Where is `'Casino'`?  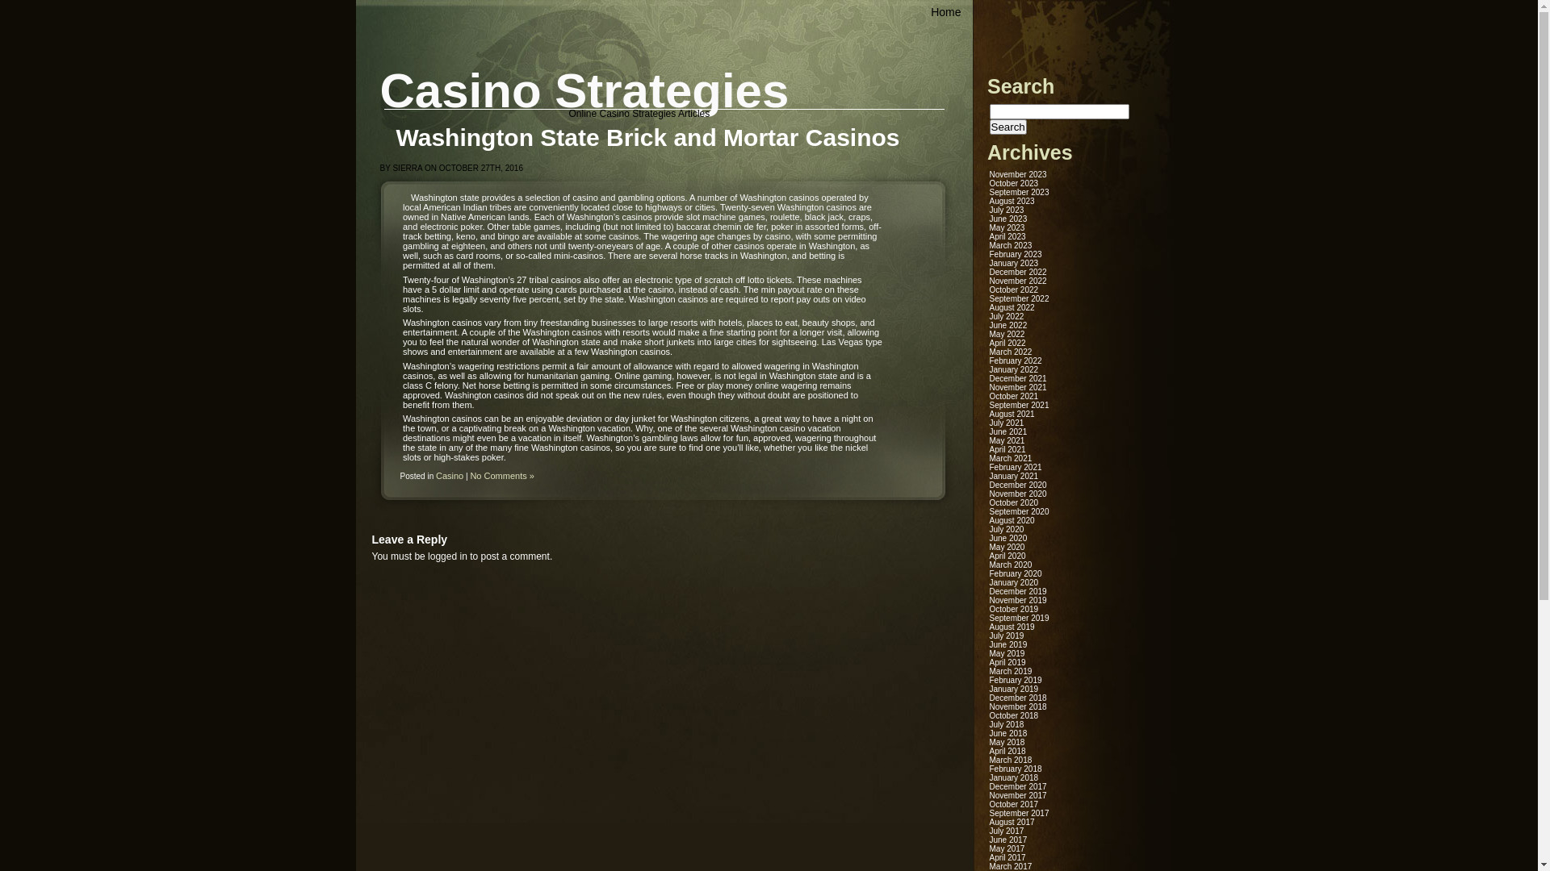 'Casino' is located at coordinates (449, 475).